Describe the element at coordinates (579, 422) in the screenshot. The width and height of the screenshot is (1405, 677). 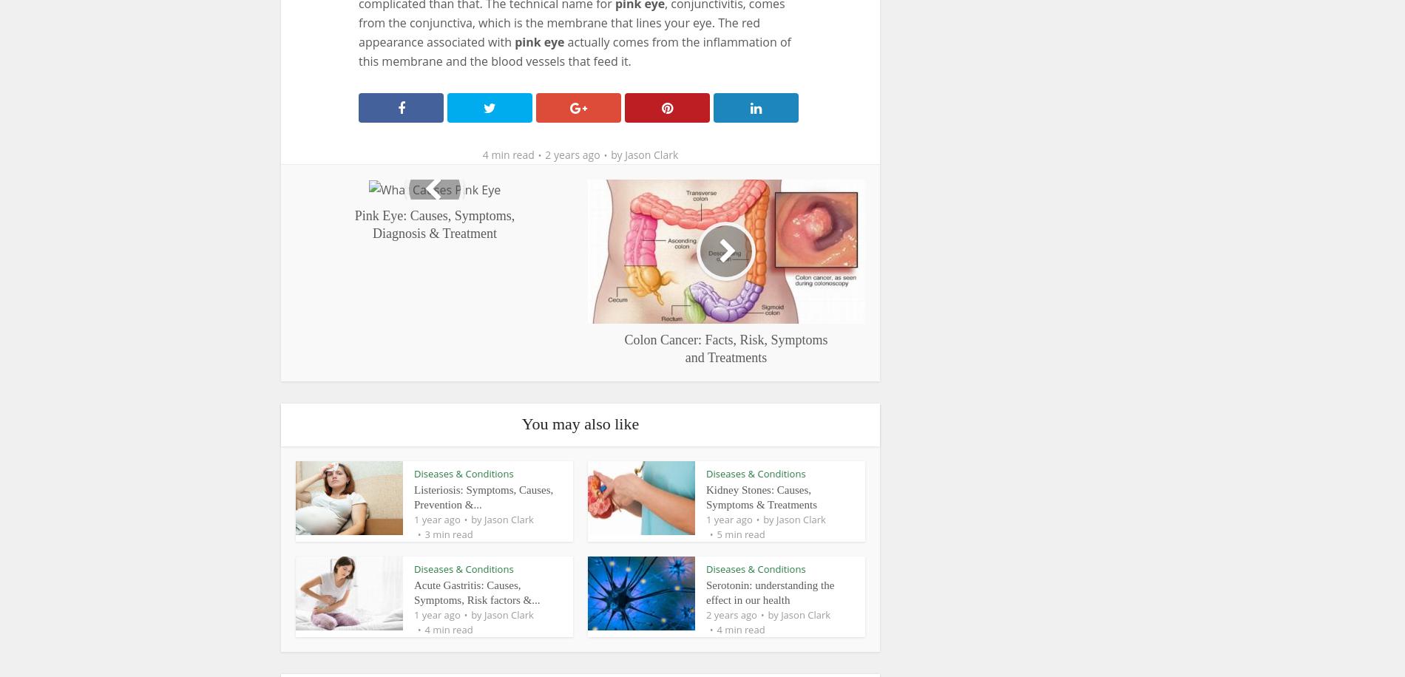
I see `'You may also like'` at that location.